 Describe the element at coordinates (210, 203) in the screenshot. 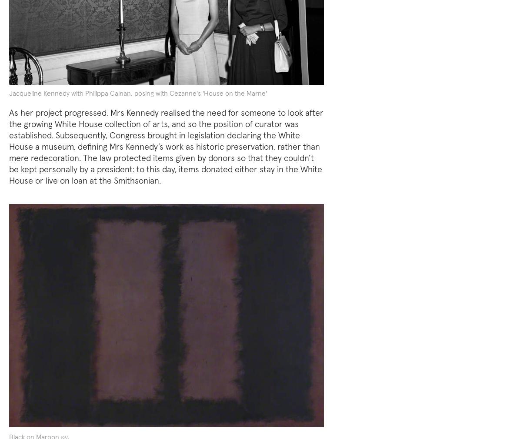

I see `'Robert Rauschenberg'` at that location.